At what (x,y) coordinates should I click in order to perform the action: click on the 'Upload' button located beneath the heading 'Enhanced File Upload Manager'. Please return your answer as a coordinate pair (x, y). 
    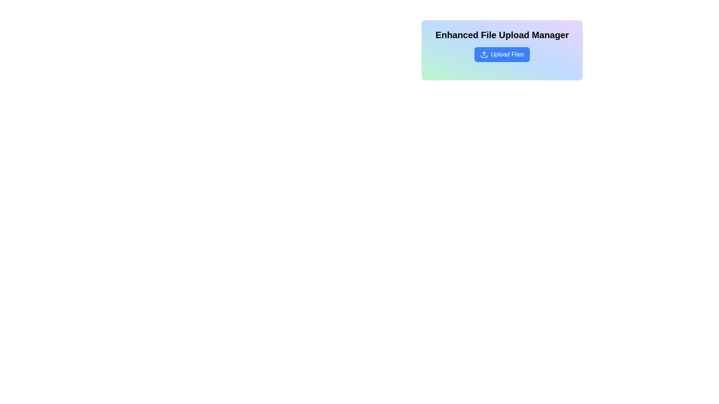
    Looking at the image, I should click on (502, 54).